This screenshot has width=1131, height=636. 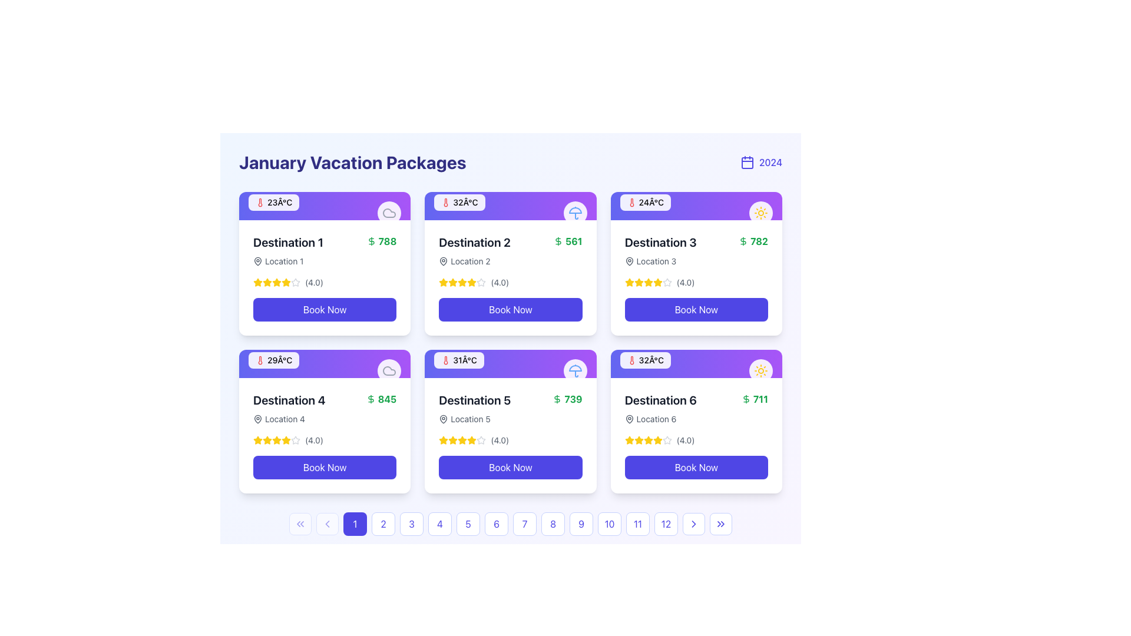 What do you see at coordinates (472, 440) in the screenshot?
I see `the fourth yellow star icon in the 4-star rating sequence located under the title 'Destination 5'` at bounding box center [472, 440].